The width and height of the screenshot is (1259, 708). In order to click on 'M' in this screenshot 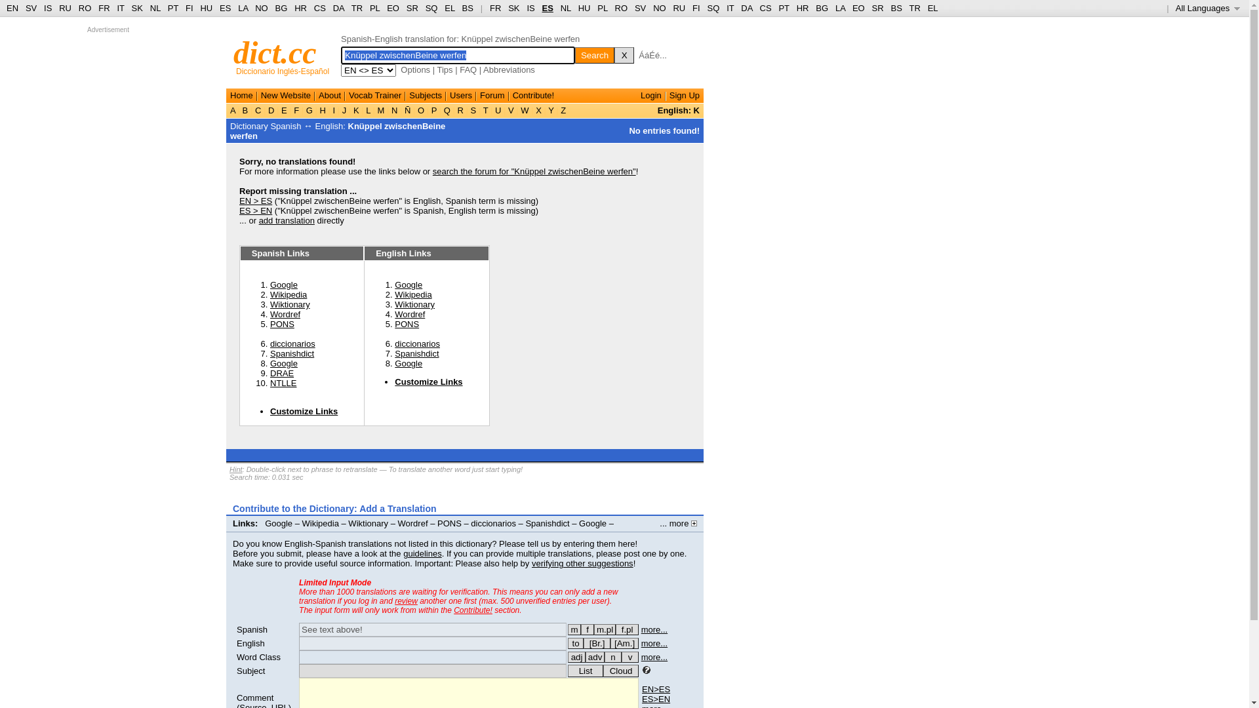, I will do `click(380, 109)`.